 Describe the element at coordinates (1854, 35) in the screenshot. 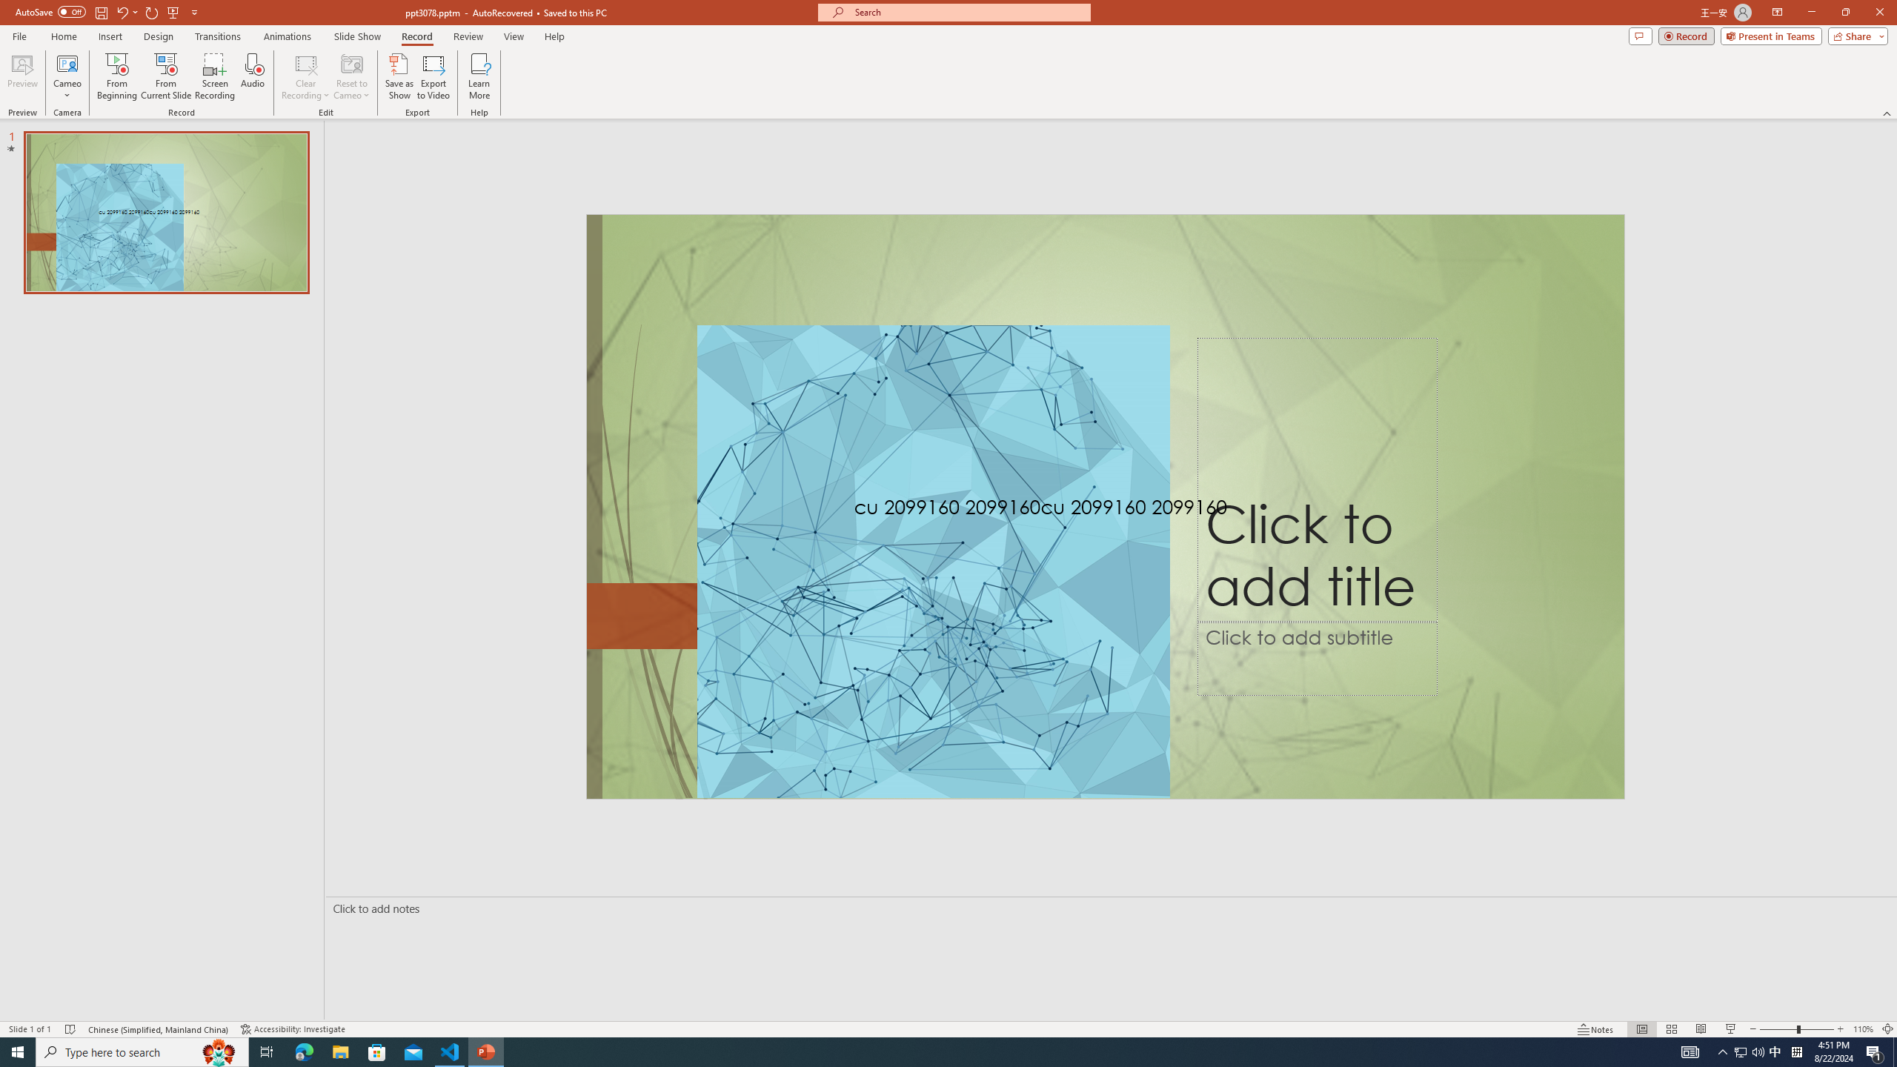

I see `'Share'` at that location.